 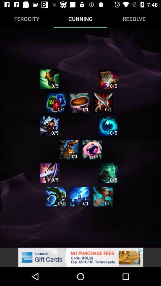 What do you see at coordinates (92, 149) in the screenshot?
I see `cunning characters` at bounding box center [92, 149].